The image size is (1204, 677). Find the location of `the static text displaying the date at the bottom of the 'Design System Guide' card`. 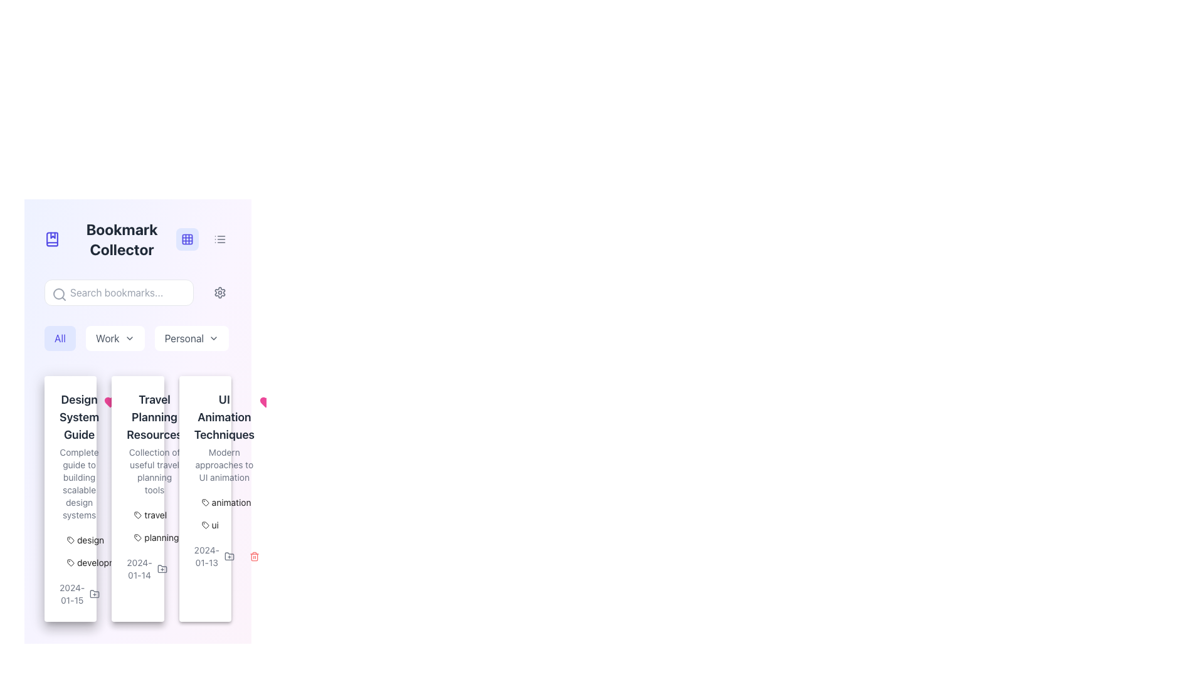

the static text displaying the date at the bottom of the 'Design System Guide' card is located at coordinates (71, 594).